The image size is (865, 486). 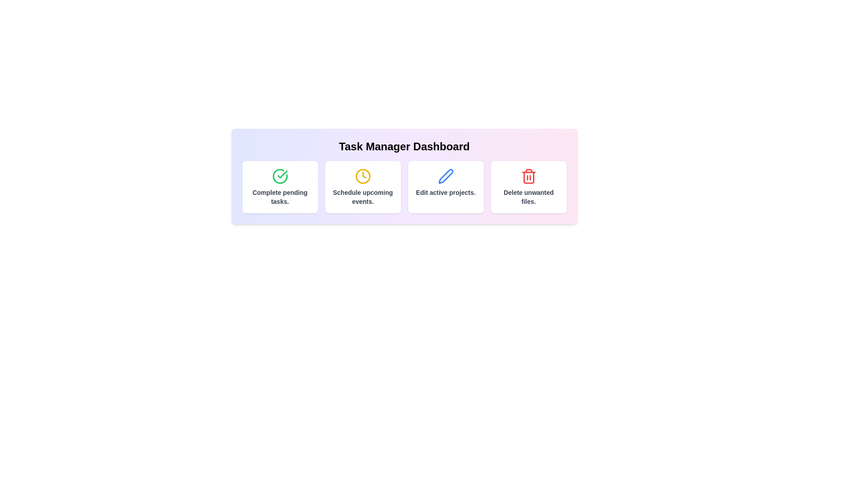 I want to click on the green checkmark icon, which is part of the 'Complete pending tasks.' card in a four-card layout, so click(x=282, y=174).